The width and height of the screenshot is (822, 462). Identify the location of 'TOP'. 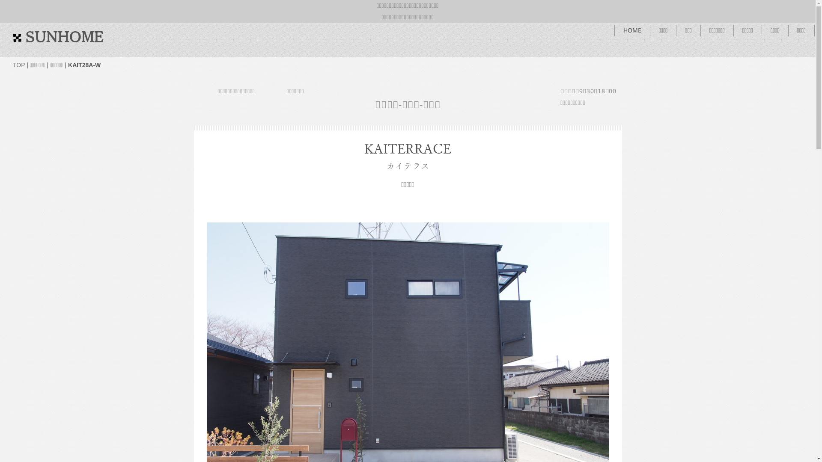
(18, 64).